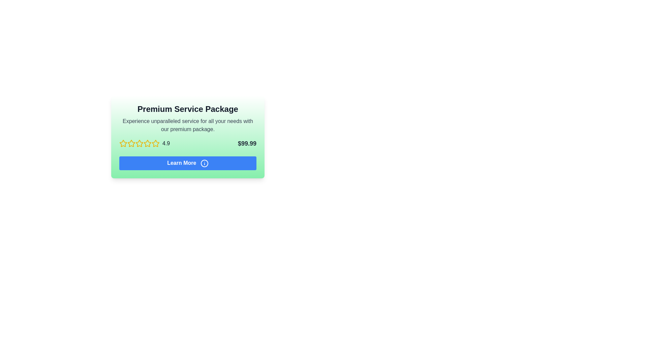 This screenshot has height=364, width=647. Describe the element at coordinates (131, 143) in the screenshot. I see `the second star icon in the rating section, which is styled with a yellow outline and filled with a transparent background, located below the title 'Premium Service Package'` at that location.